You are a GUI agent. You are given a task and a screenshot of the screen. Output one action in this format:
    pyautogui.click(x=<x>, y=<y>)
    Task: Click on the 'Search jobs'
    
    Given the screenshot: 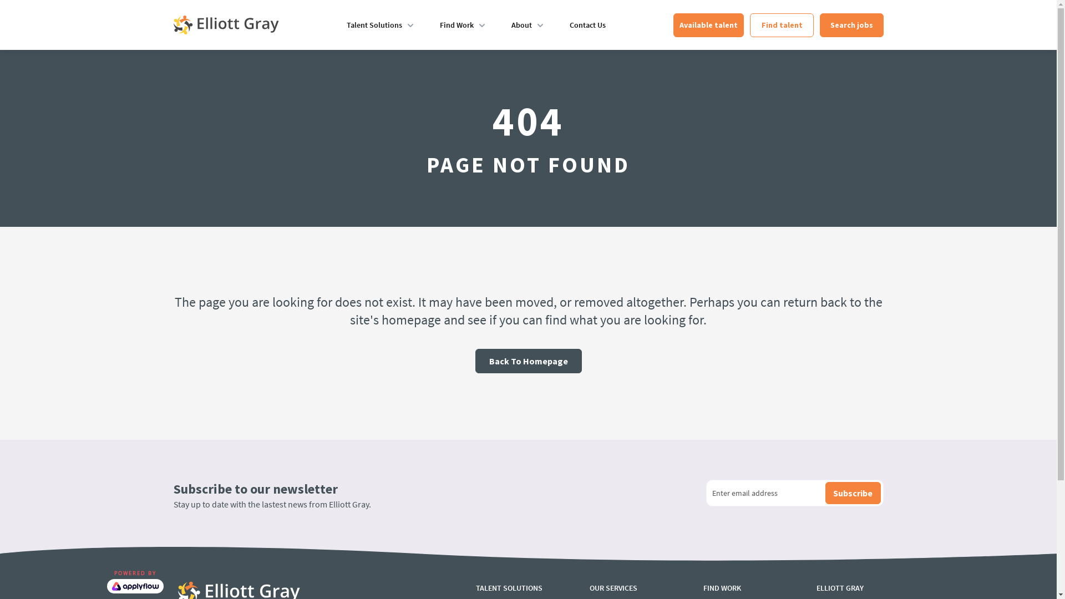 What is the action you would take?
    pyautogui.click(x=851, y=25)
    